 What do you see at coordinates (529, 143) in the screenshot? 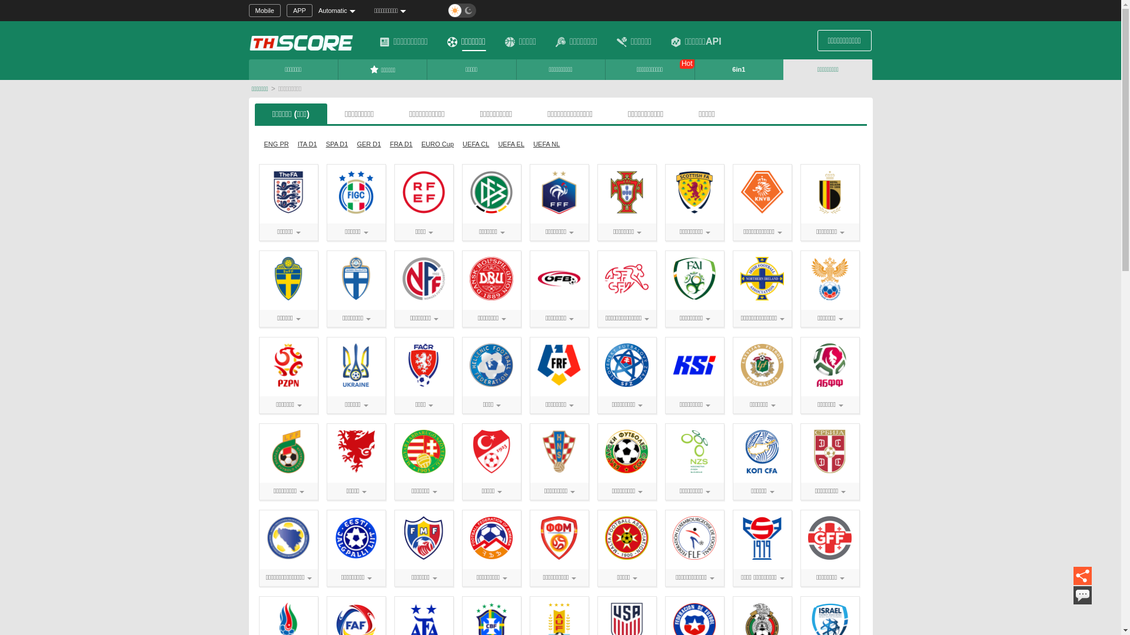
I see `'UEFA NL'` at bounding box center [529, 143].